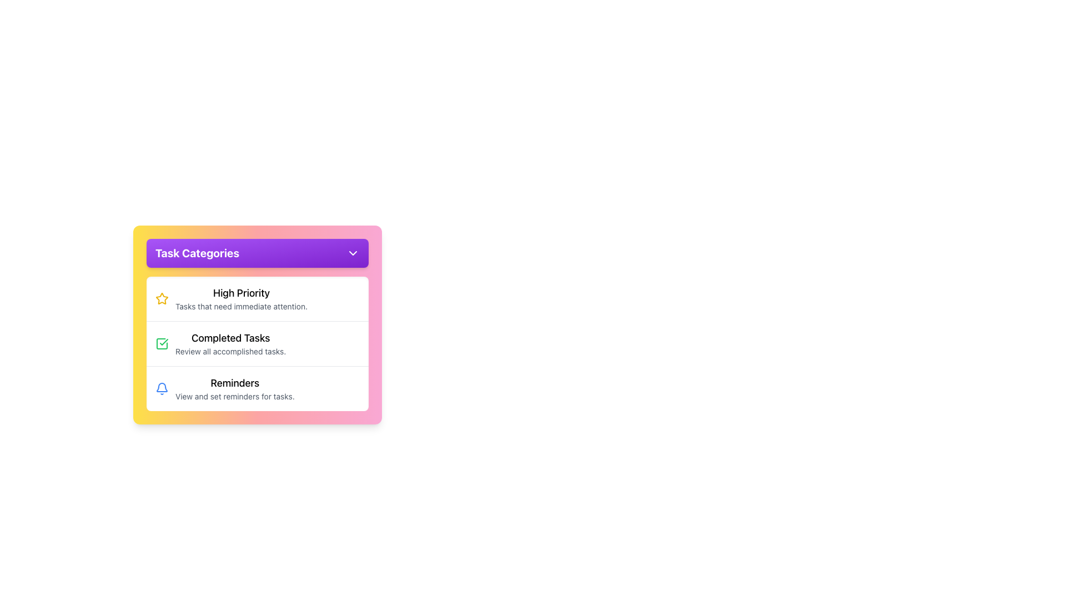 This screenshot has height=600, width=1066. I want to click on text label that serves as a header for the 'High Priority' tasks in the 'Task Categories' panel, positioned near the top of the list, so click(241, 293).